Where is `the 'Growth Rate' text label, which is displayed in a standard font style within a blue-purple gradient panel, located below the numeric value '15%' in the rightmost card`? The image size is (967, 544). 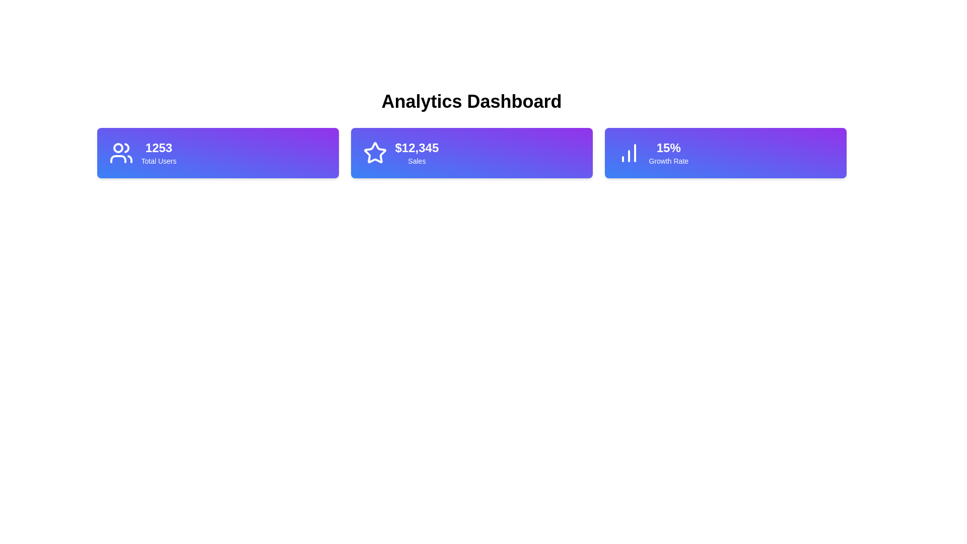
the 'Growth Rate' text label, which is displayed in a standard font style within a blue-purple gradient panel, located below the numeric value '15%' in the rightmost card is located at coordinates (668, 161).